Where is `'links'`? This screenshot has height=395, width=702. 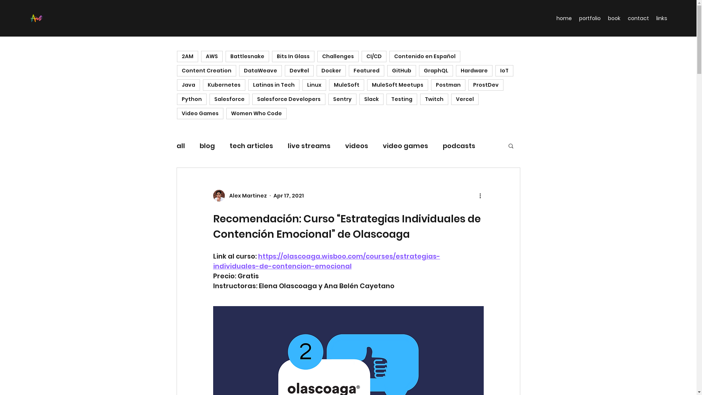
'links' is located at coordinates (653, 18).